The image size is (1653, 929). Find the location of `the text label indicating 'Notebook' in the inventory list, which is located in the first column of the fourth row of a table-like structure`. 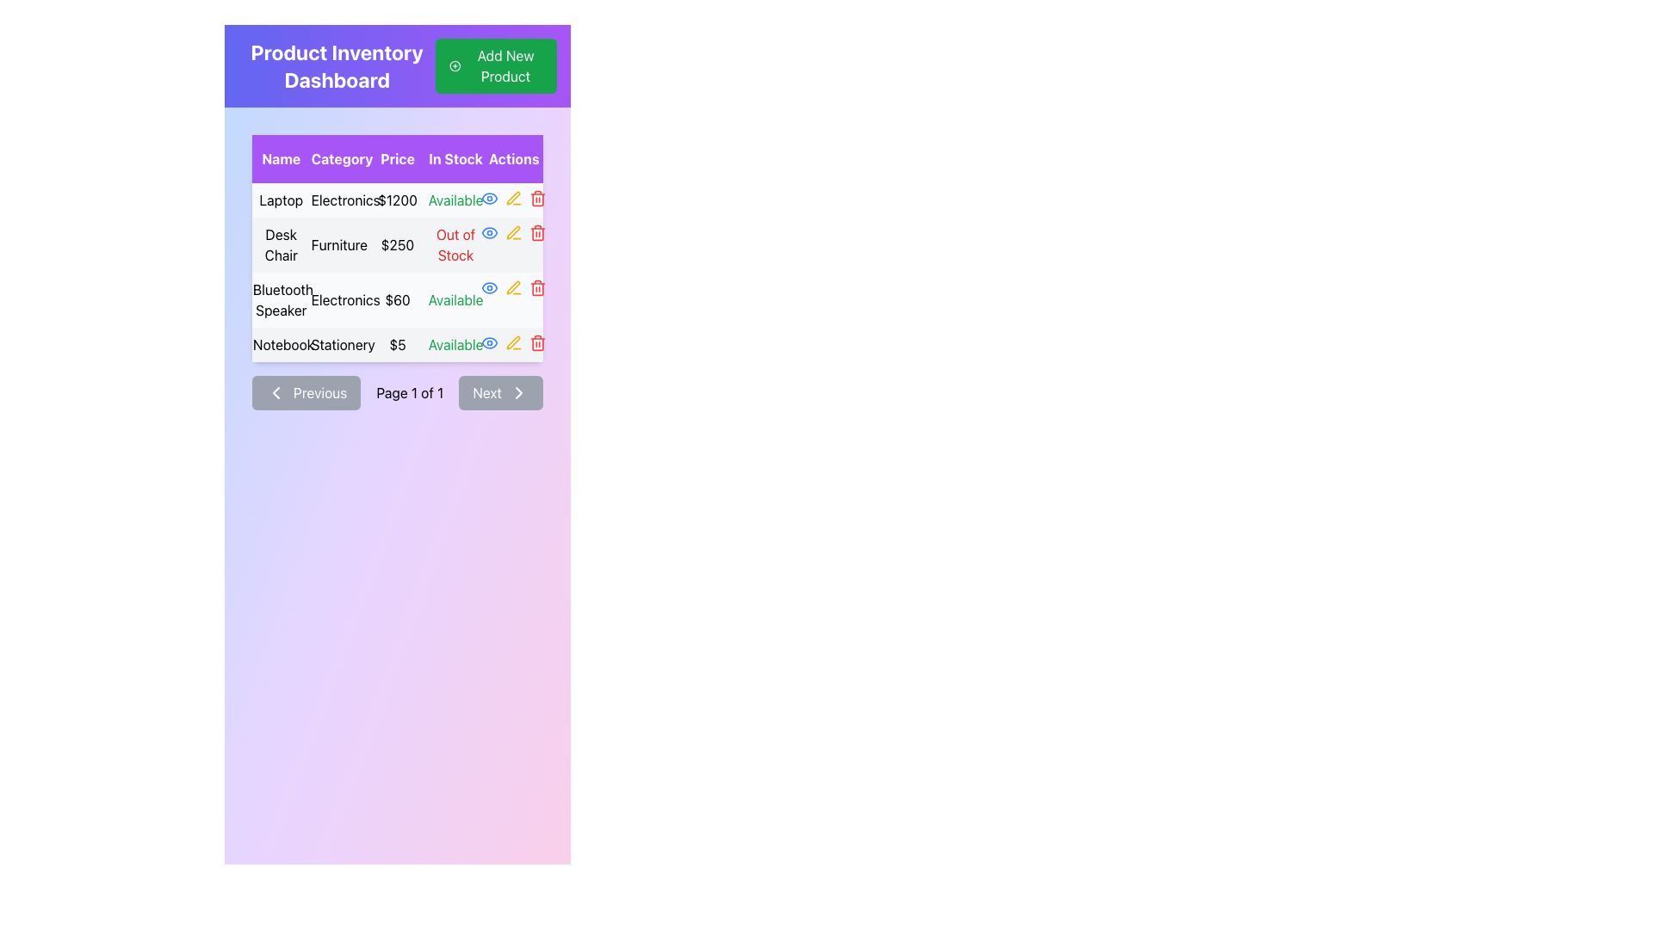

the text label indicating 'Notebook' in the inventory list, which is located in the first column of the fourth row of a table-like structure is located at coordinates (281, 345).